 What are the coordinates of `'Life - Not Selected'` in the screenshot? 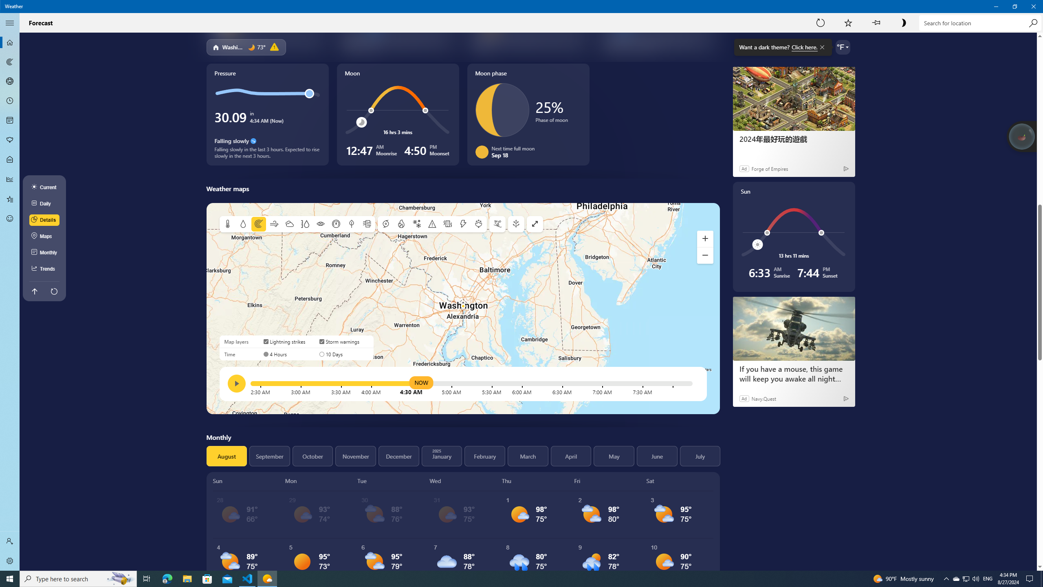 It's located at (10, 159).